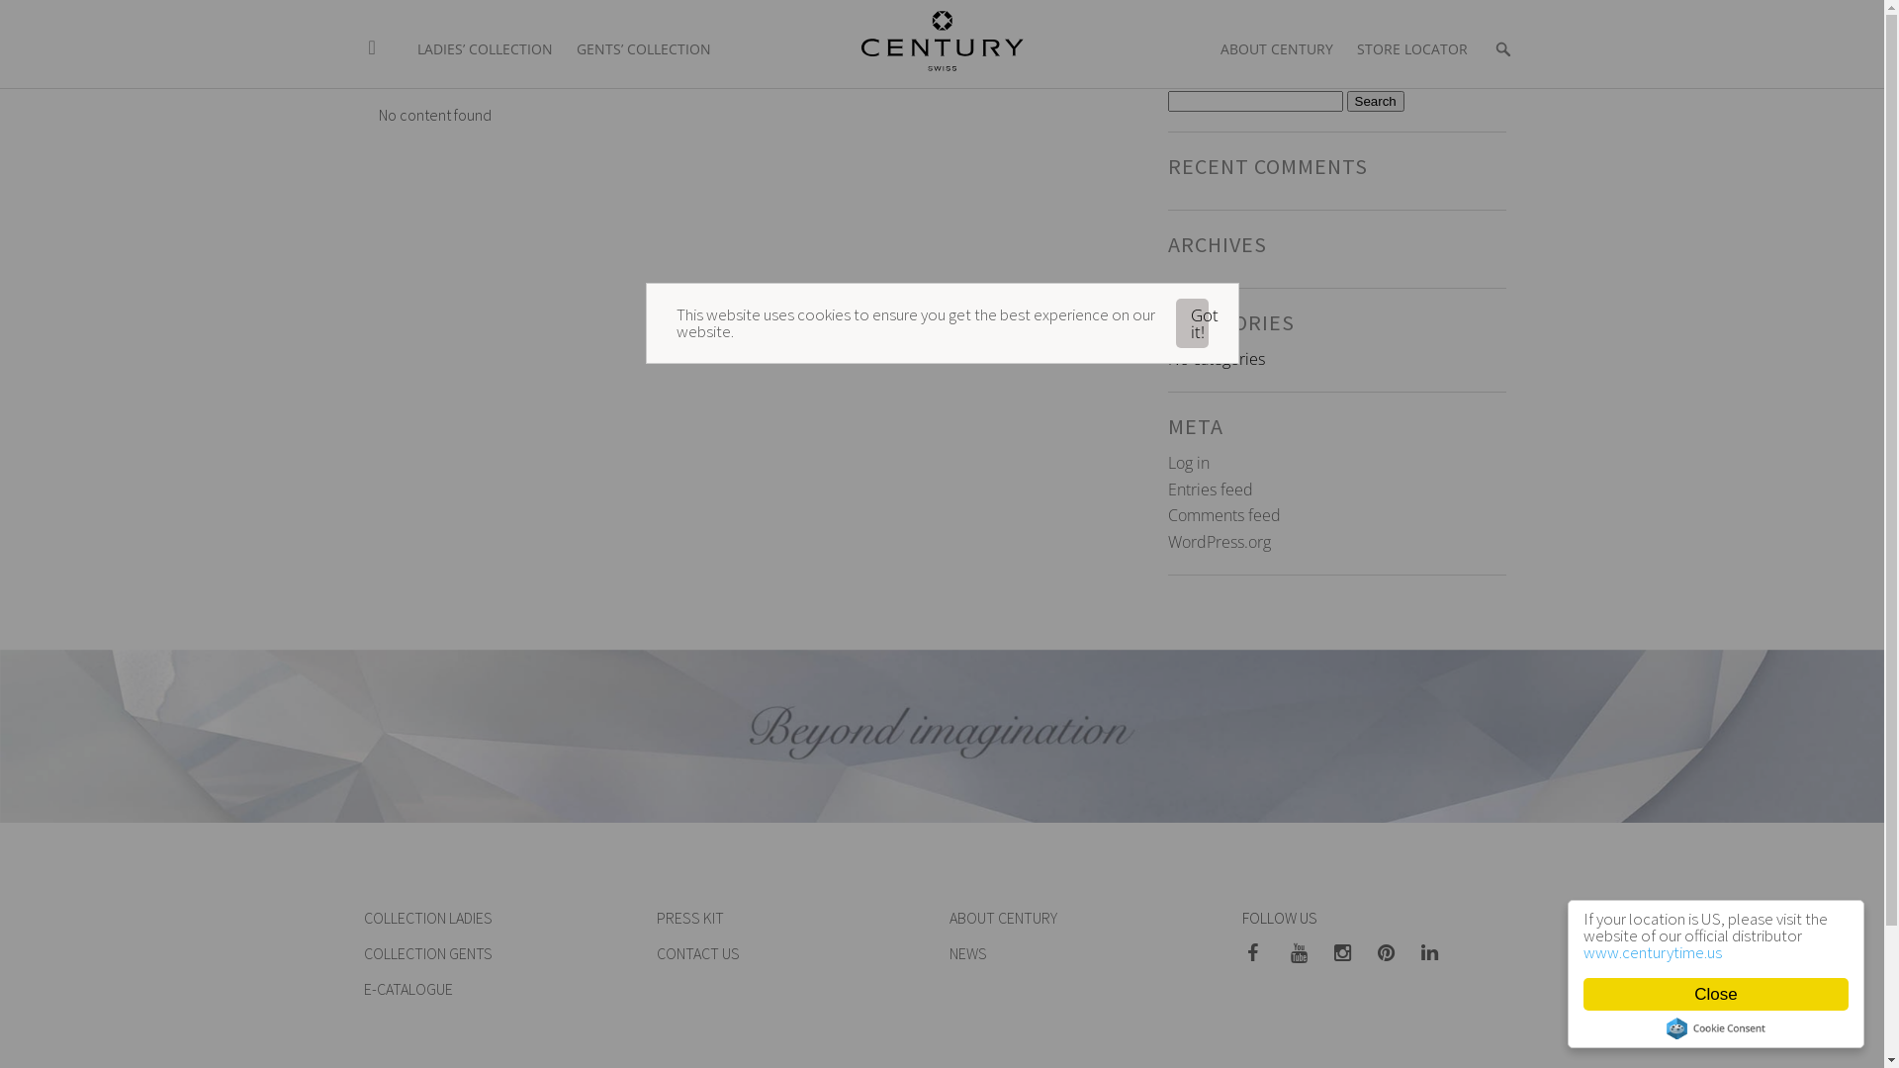  What do you see at coordinates (1277, 37) in the screenshot?
I see `'ABOUT CENTURY'` at bounding box center [1277, 37].